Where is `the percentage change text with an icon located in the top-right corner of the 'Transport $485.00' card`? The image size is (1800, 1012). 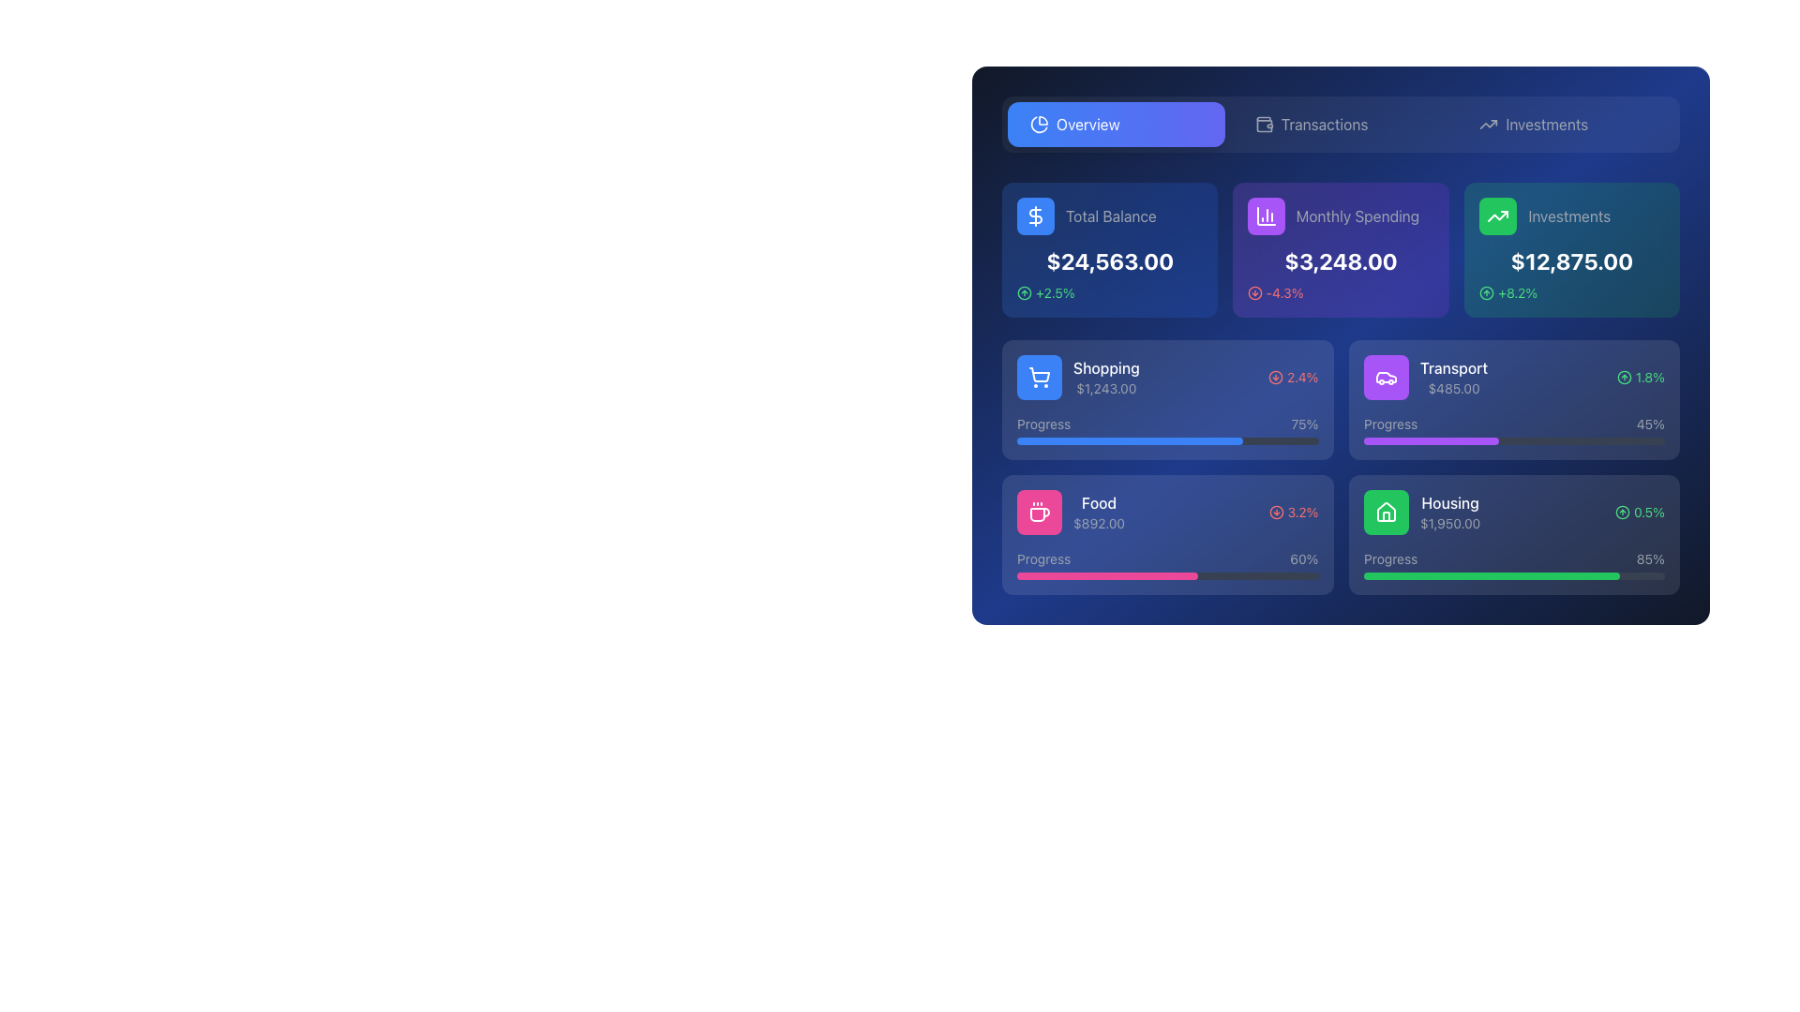
the percentage change text with an icon located in the top-right corner of the 'Transport $485.00' card is located at coordinates (1640, 377).